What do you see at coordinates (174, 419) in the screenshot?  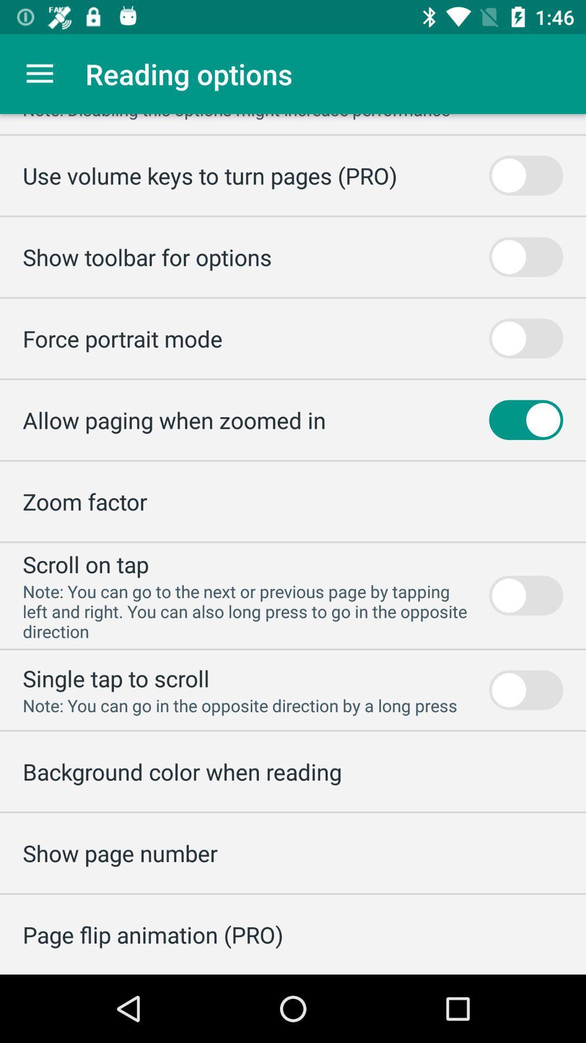 I see `allow paging when` at bounding box center [174, 419].